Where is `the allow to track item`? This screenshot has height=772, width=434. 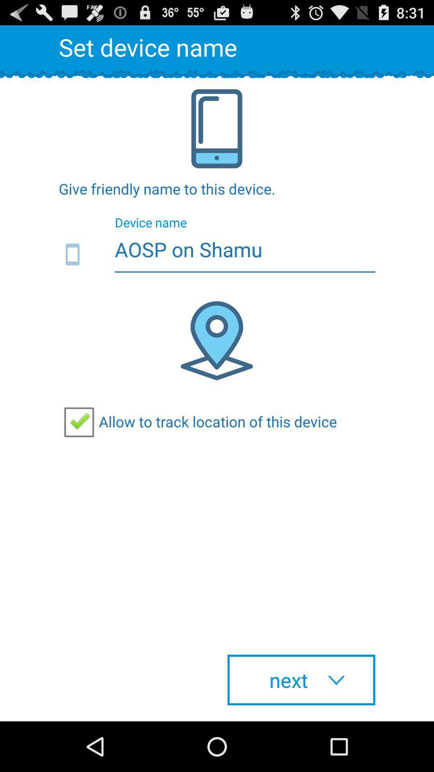
the allow to track item is located at coordinates (198, 421).